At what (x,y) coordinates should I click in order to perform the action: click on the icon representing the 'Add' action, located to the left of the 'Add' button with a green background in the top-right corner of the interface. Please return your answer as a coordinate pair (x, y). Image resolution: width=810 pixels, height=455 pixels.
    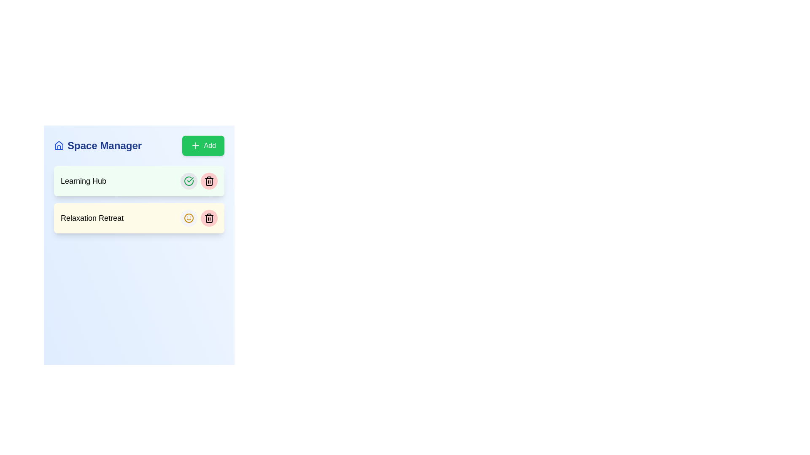
    Looking at the image, I should click on (195, 145).